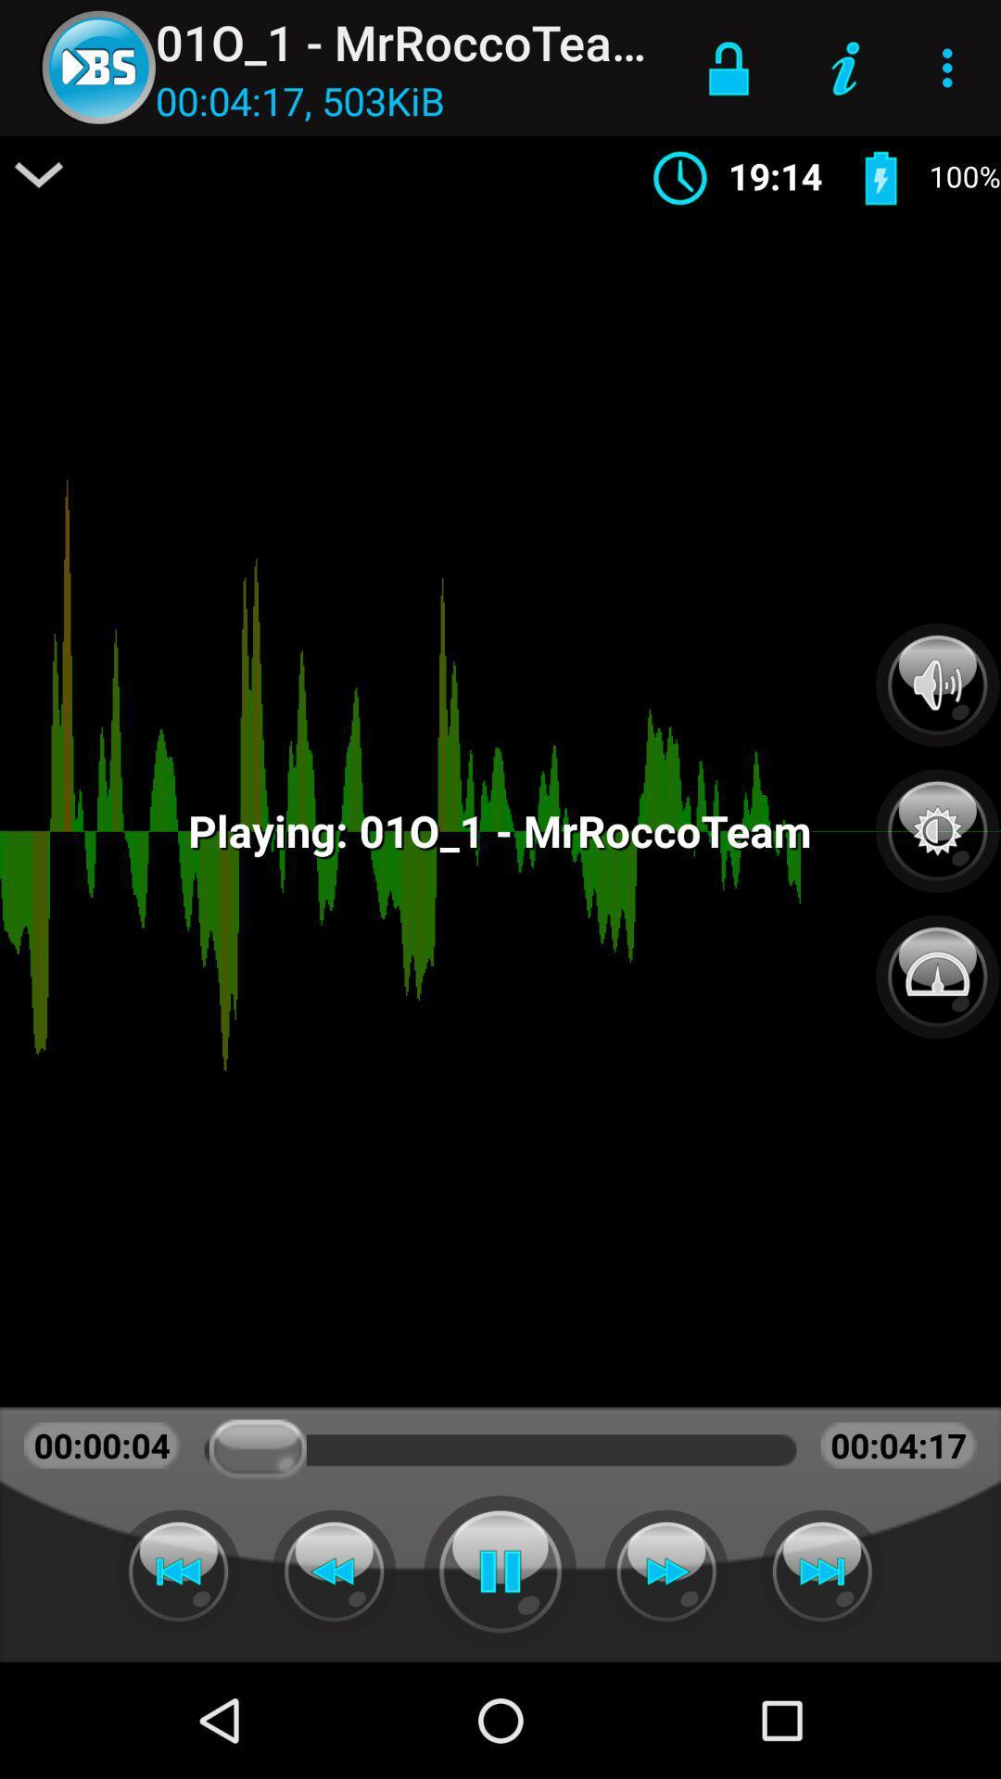  Describe the element at coordinates (39, 174) in the screenshot. I see `display other options` at that location.